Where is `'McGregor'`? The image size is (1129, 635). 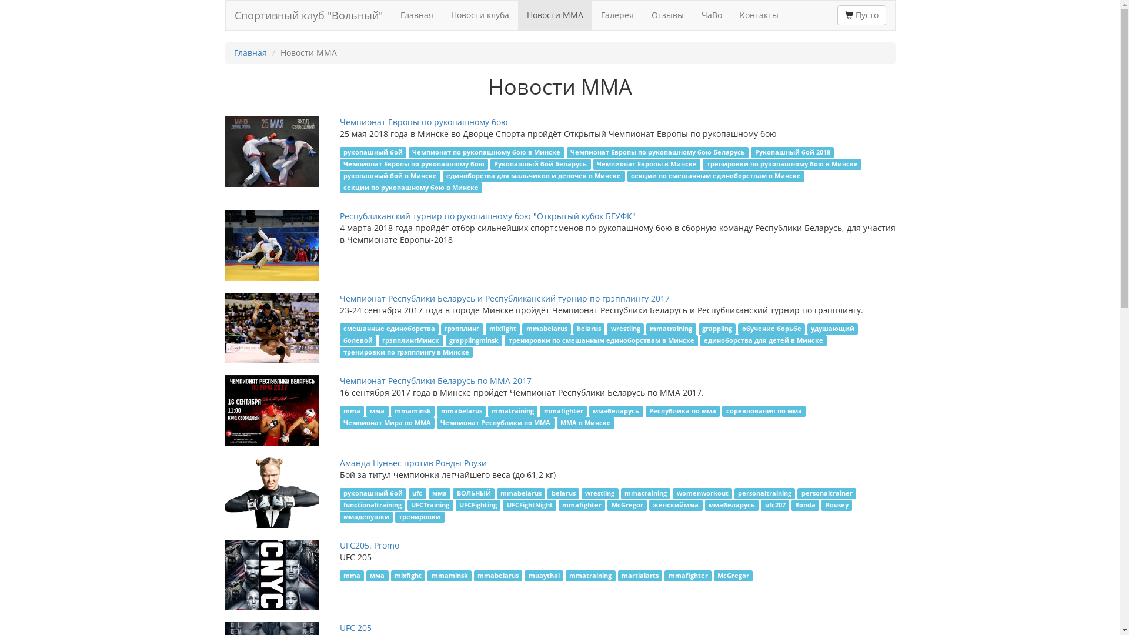 'McGregor' is located at coordinates (626, 504).